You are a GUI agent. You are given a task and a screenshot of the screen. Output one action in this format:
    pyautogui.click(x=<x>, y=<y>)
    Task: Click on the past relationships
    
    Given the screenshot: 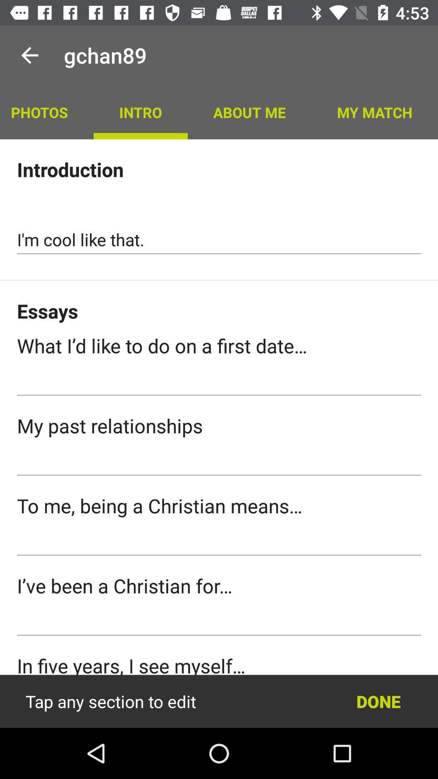 What is the action you would take?
    pyautogui.click(x=219, y=461)
    